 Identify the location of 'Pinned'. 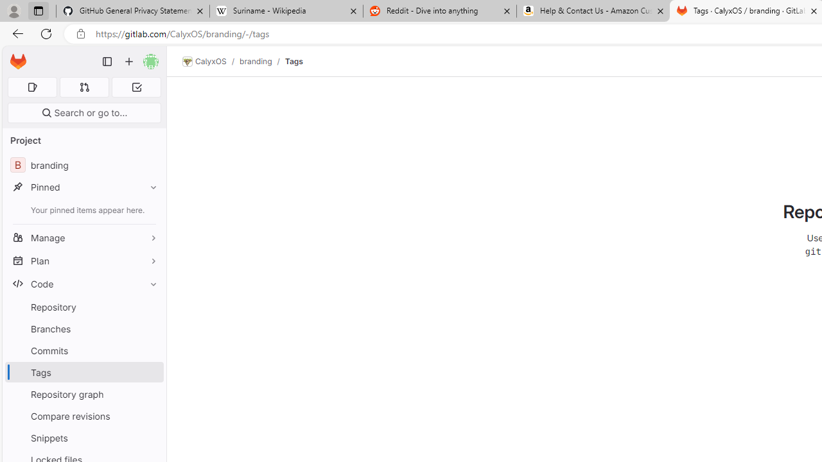
(83, 187).